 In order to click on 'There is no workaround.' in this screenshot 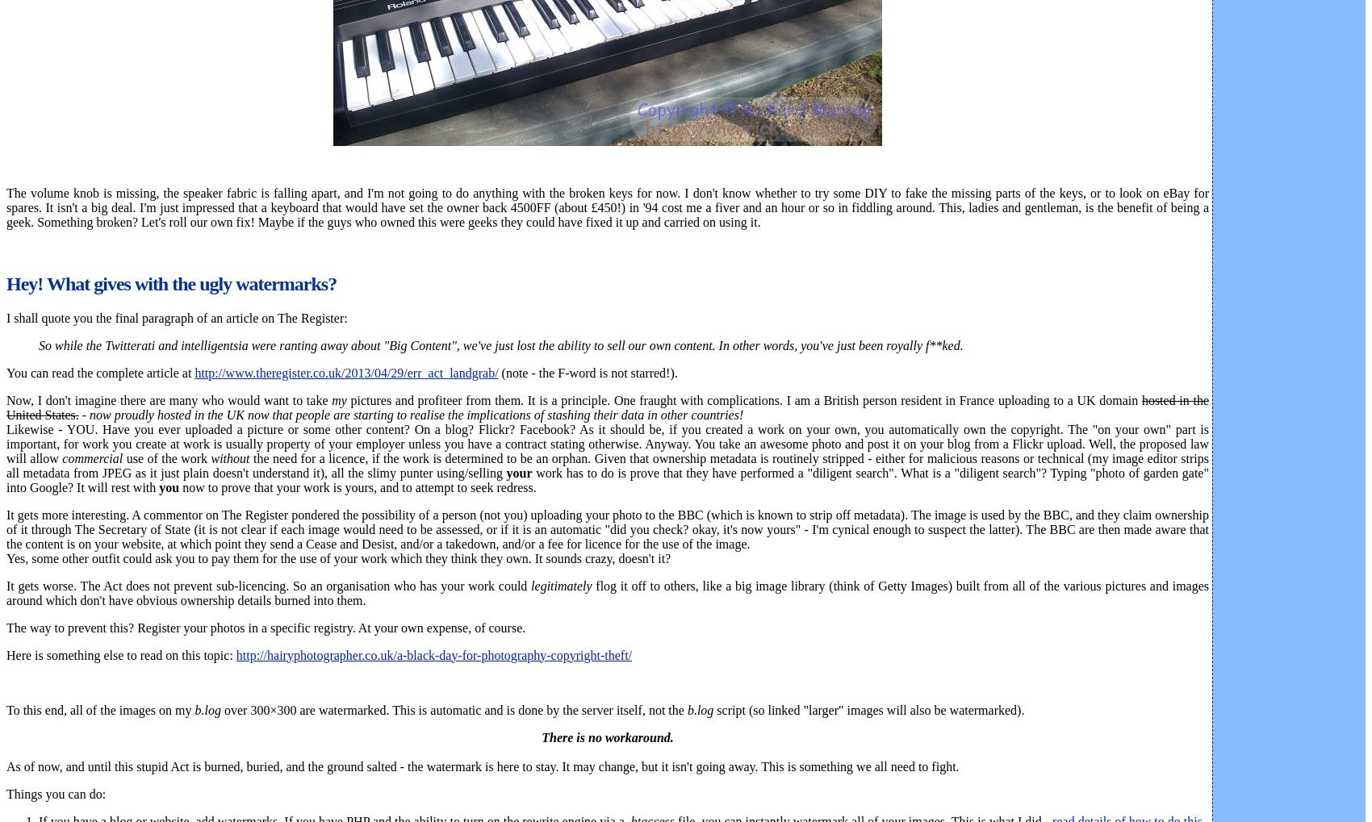, I will do `click(606, 736)`.